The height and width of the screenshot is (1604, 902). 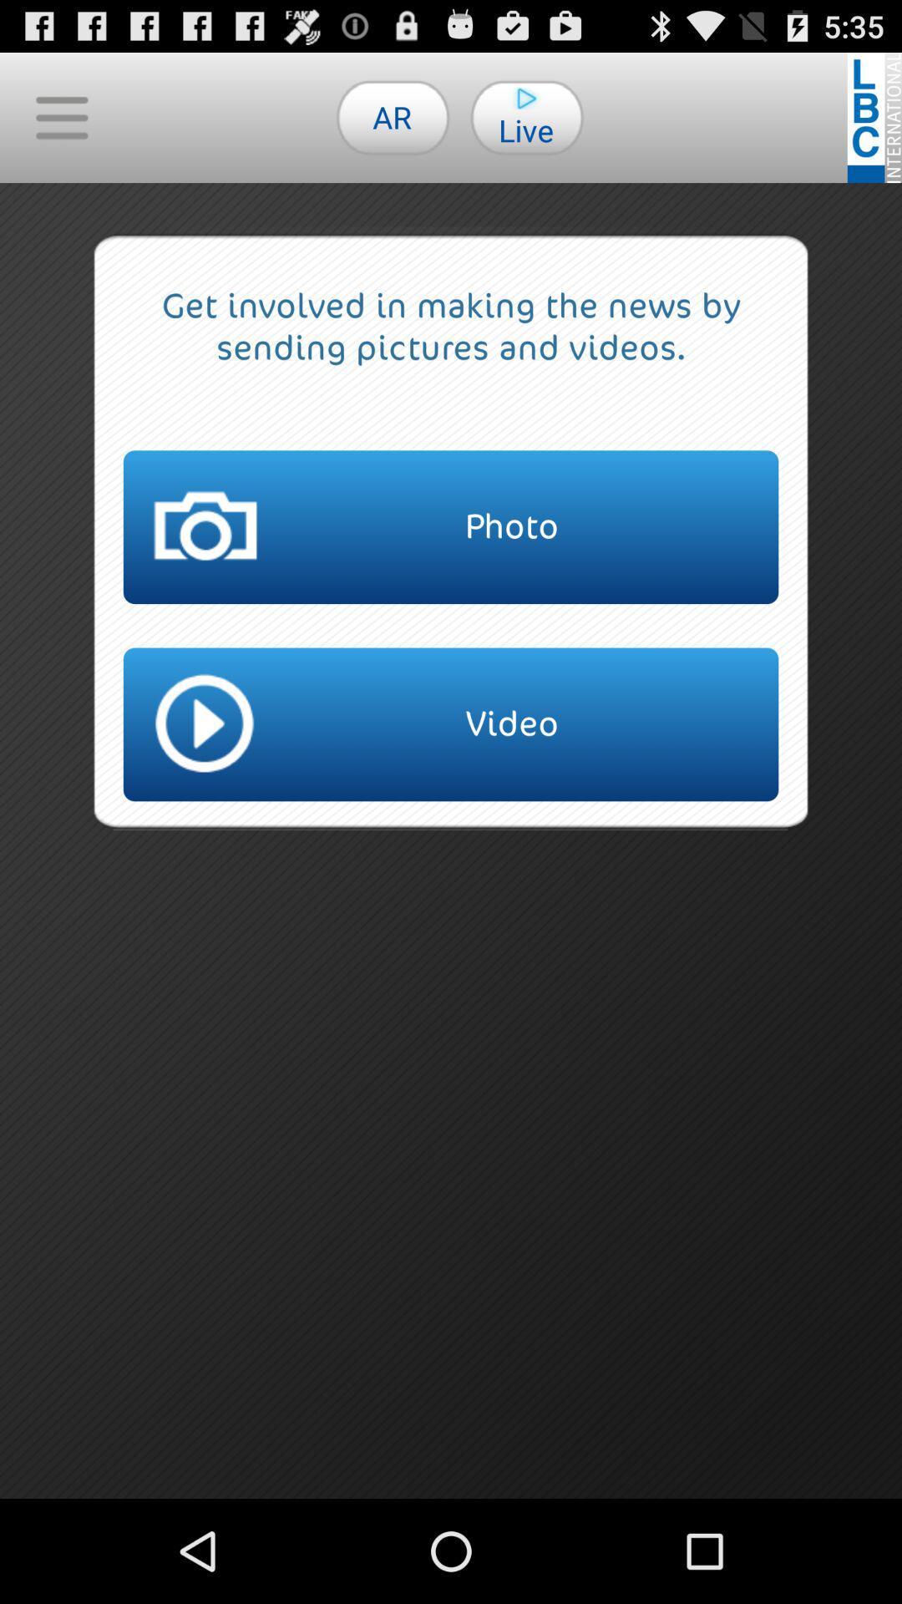 I want to click on the icon below get involved in item, so click(x=451, y=526).